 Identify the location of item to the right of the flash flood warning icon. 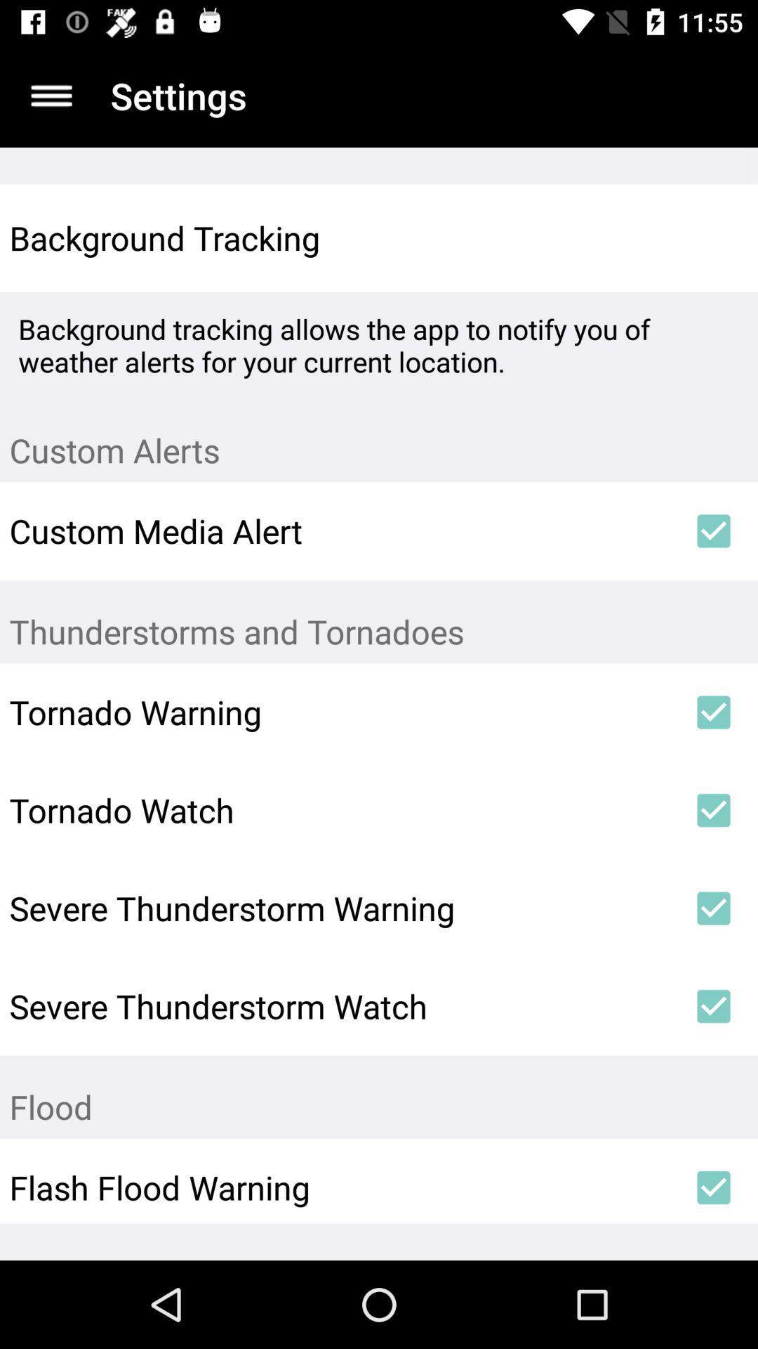
(714, 1187).